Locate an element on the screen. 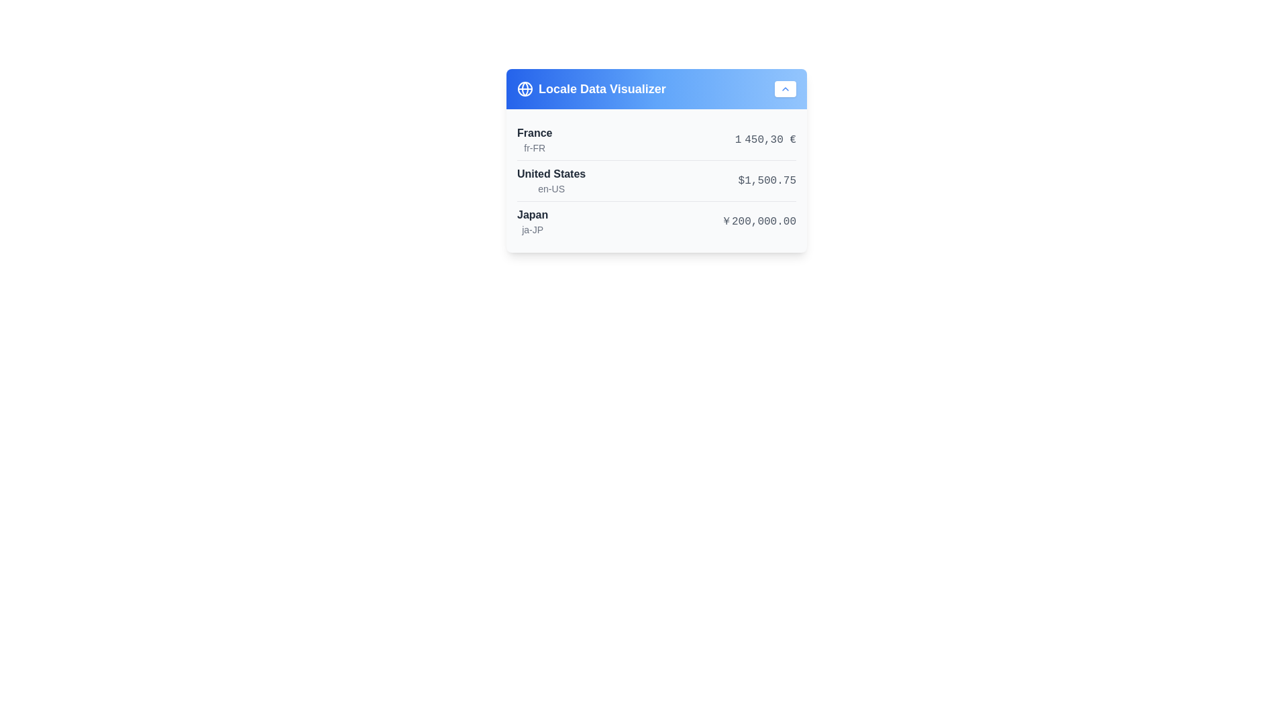  the text label displaying '￥200,000.00' in gray color, located on the right side of the 'Japan' label in the Locale Data Visualizer section is located at coordinates (759, 221).